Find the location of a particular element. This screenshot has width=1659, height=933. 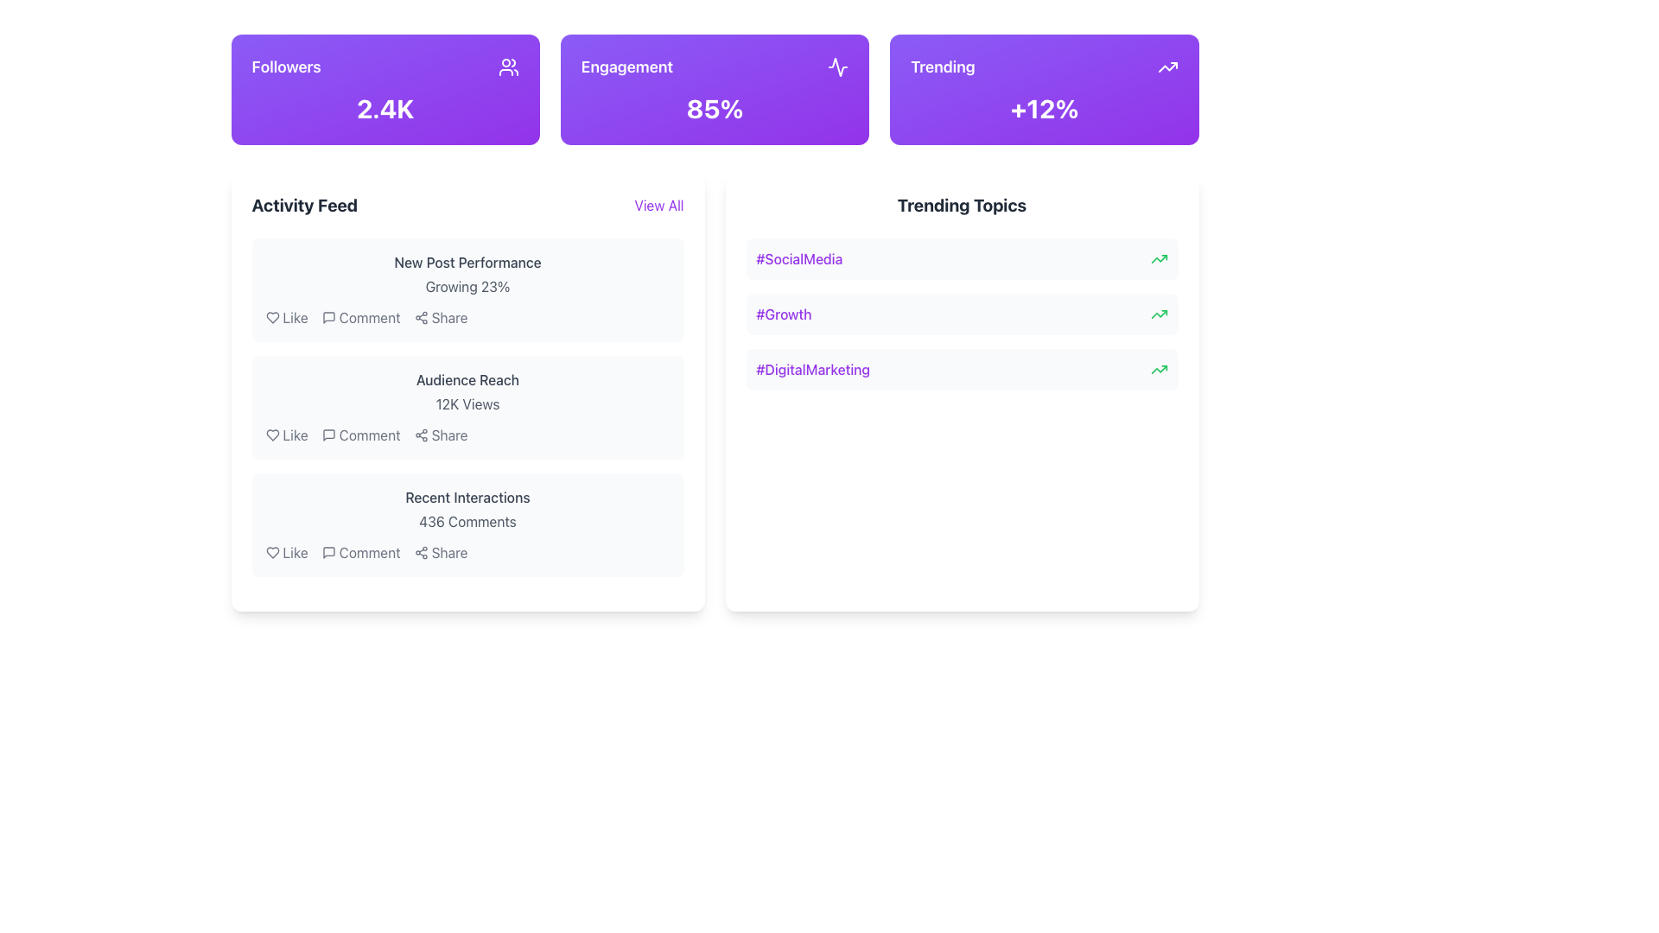

the static text label that serves as the title for the post's performance report, located above the text 'Growing 23%' in the Activity Feed section is located at coordinates (467, 263).